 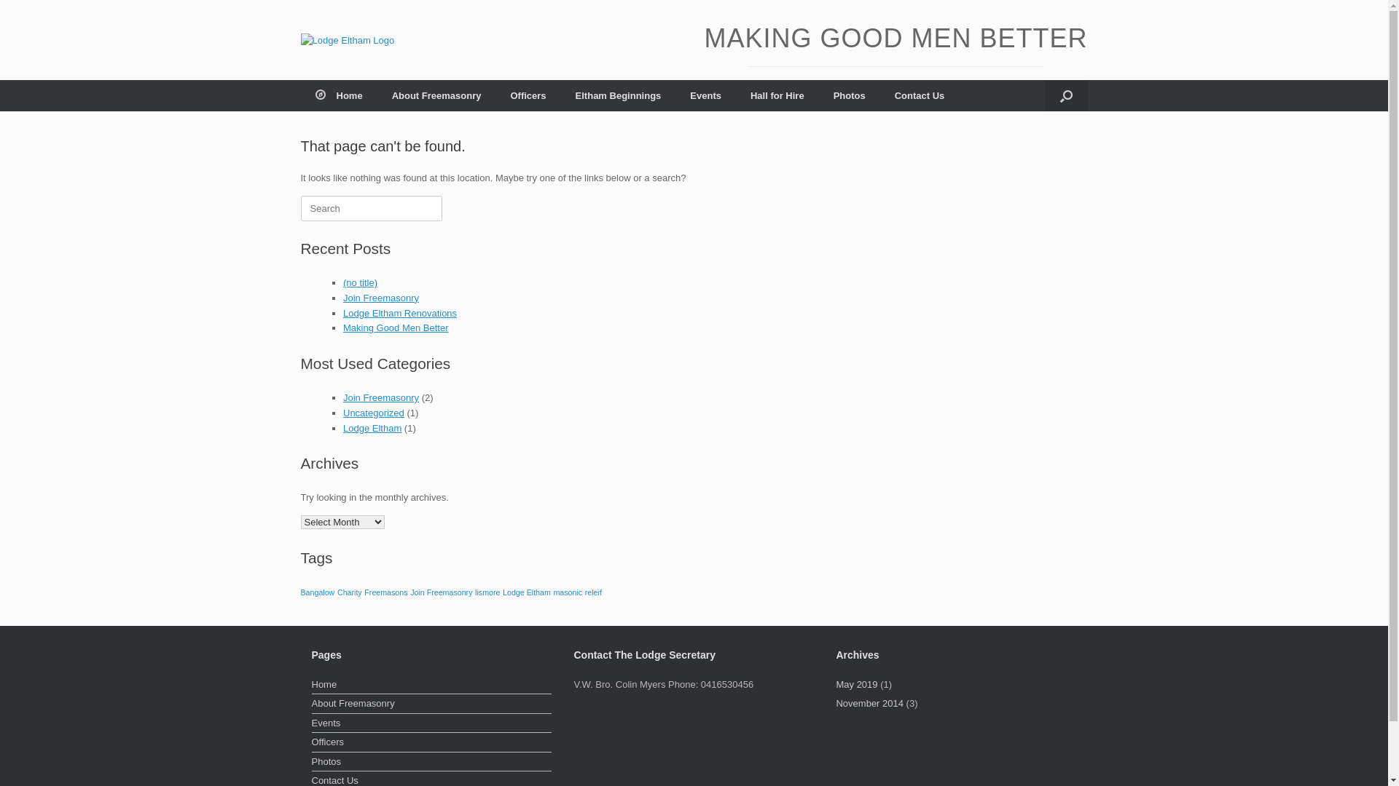 I want to click on 'Eltham Beginnings', so click(x=619, y=95).